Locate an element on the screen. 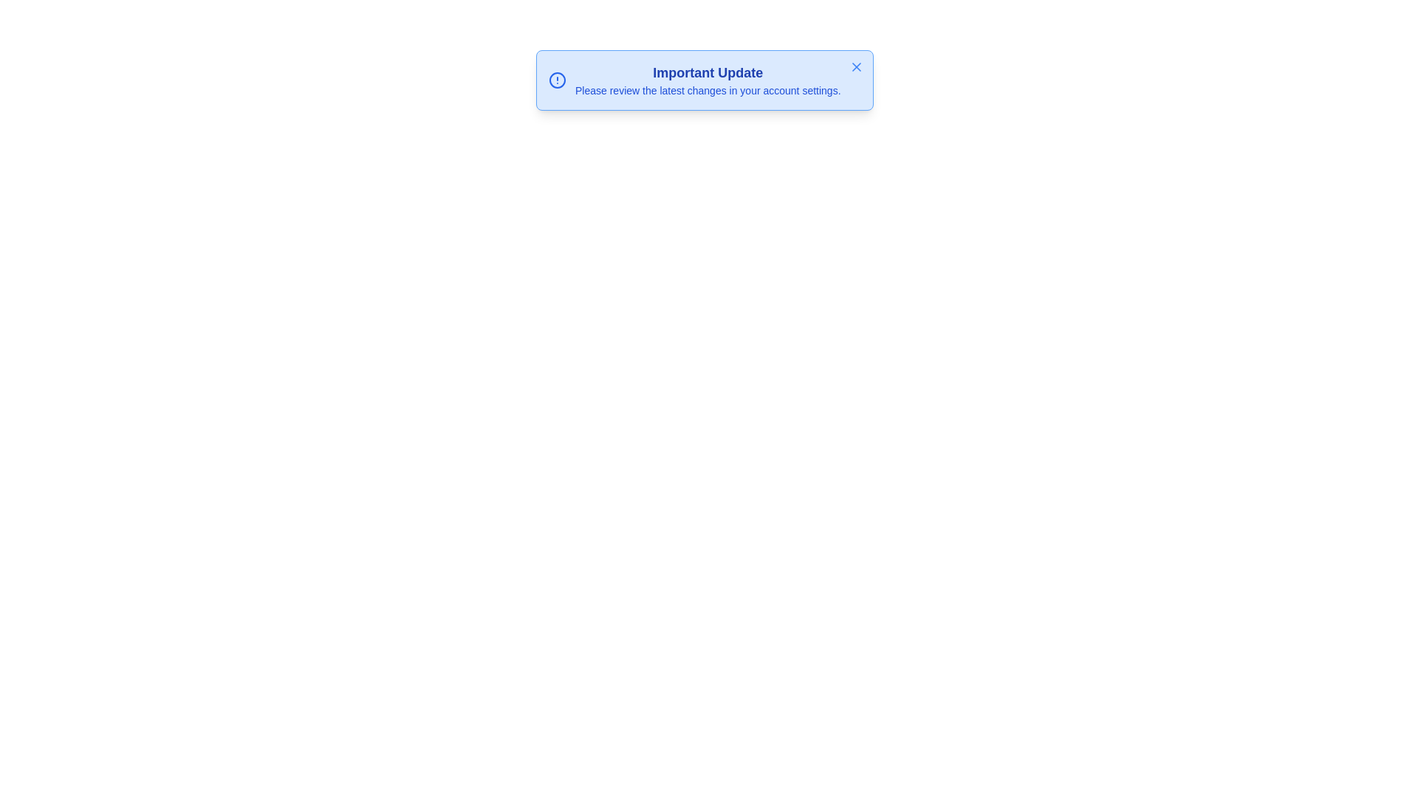 The height and width of the screenshot is (797, 1418). the decorative circular outline graphic element located in the notification panel, adjacent to the 'Important Update' text is located at coordinates (556, 80).